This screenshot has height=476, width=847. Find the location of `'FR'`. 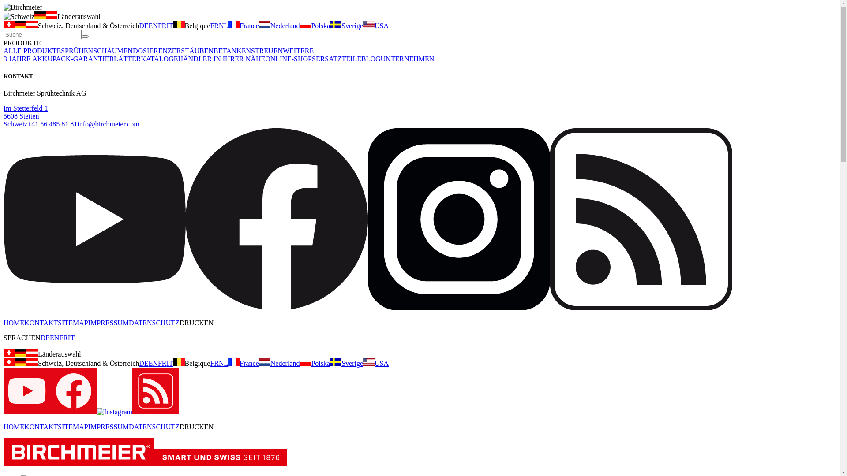

'FR' is located at coordinates (209, 25).